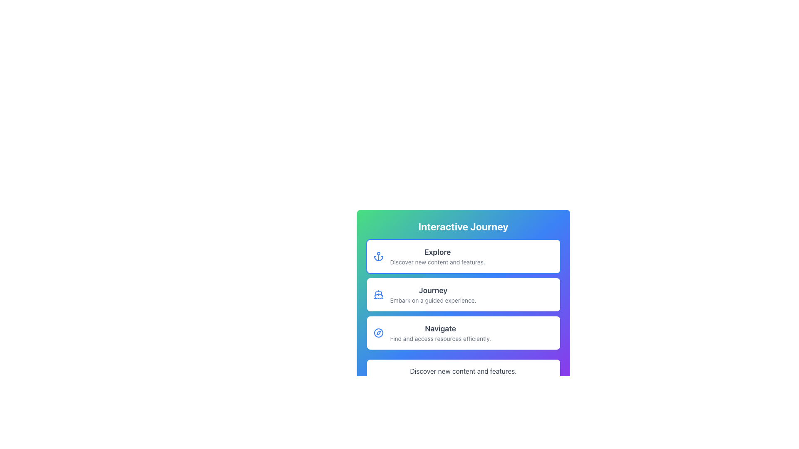 The width and height of the screenshot is (799, 449). What do you see at coordinates (433, 290) in the screenshot?
I see `the 'Journey' card title text label, which serves as a heading for the associated description text below, positioned in the second card from the top of the vertically stacked options` at bounding box center [433, 290].